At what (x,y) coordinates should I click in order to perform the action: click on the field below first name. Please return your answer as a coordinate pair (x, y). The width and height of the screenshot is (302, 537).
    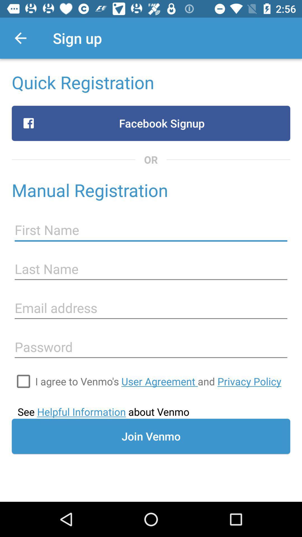
    Looking at the image, I should click on (151, 269).